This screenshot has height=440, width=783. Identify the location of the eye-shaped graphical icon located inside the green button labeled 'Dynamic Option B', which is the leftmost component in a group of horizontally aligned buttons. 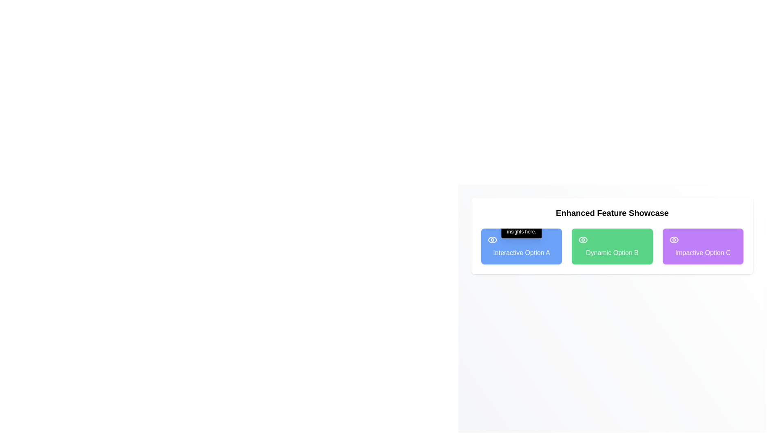
(583, 240).